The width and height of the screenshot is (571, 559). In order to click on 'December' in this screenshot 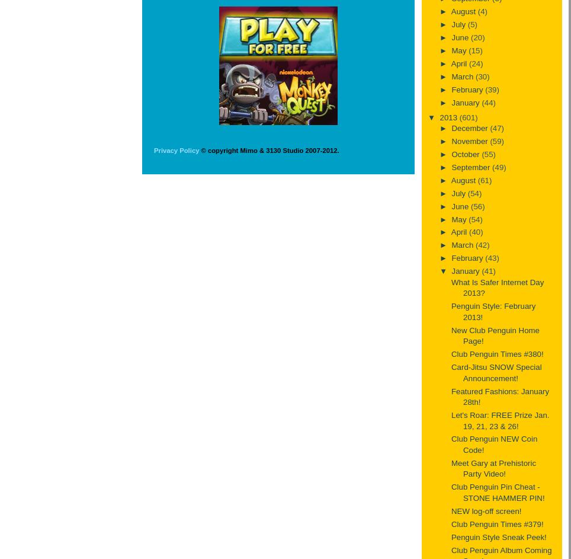, I will do `click(470, 128)`.